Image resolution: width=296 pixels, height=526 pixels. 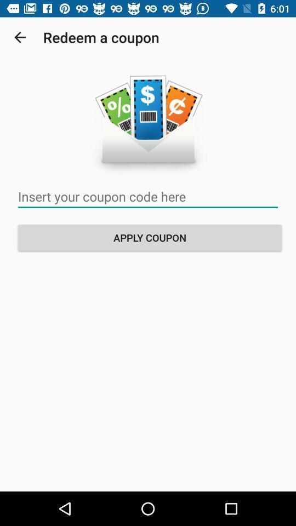 I want to click on item at the top left corner, so click(x=20, y=37).